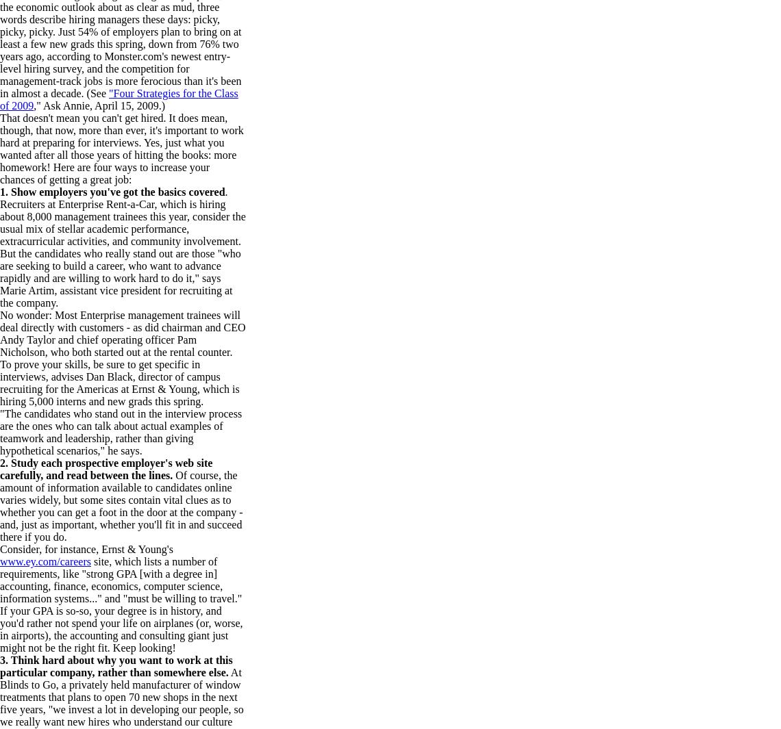 The height and width of the screenshot is (729, 781). Describe the element at coordinates (85, 549) in the screenshot. I see `'Consider, for instance, Ernst & Young's'` at that location.